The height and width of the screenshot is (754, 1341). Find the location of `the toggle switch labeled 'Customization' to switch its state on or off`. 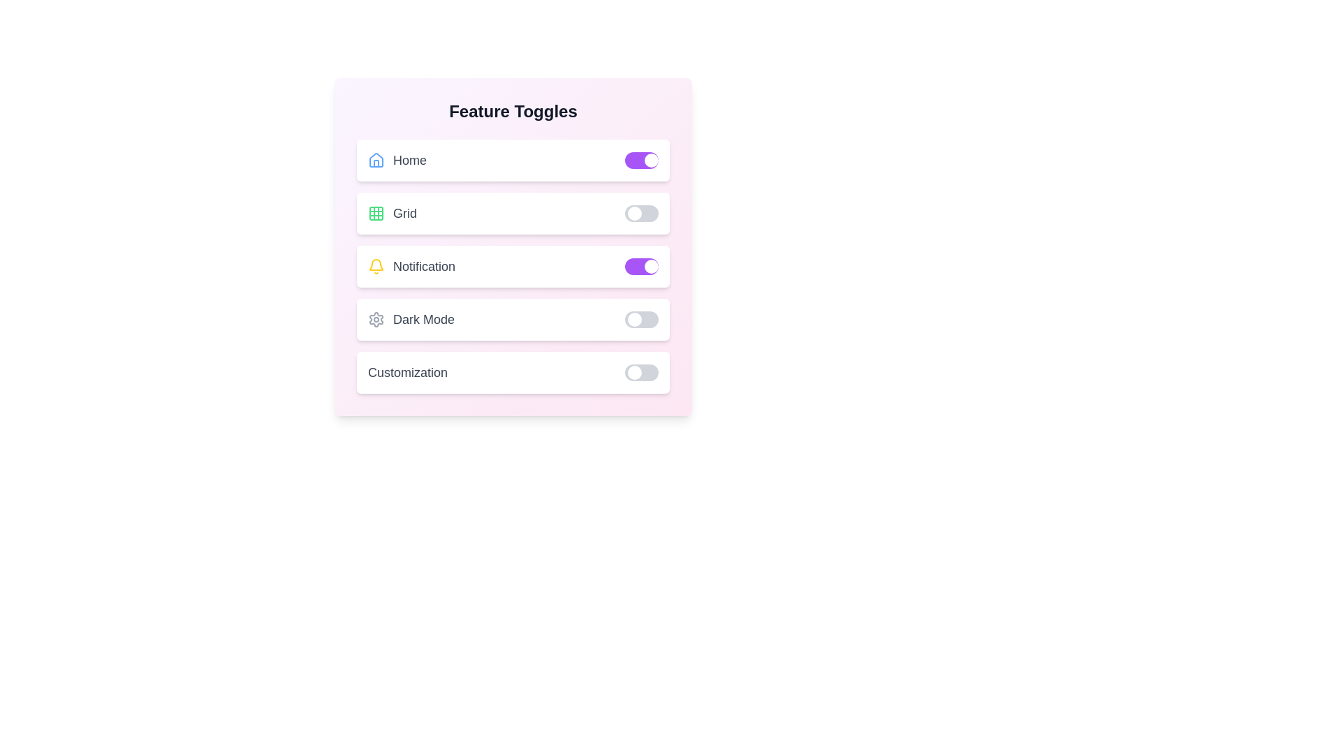

the toggle switch labeled 'Customization' to switch its state on or off is located at coordinates (512, 371).